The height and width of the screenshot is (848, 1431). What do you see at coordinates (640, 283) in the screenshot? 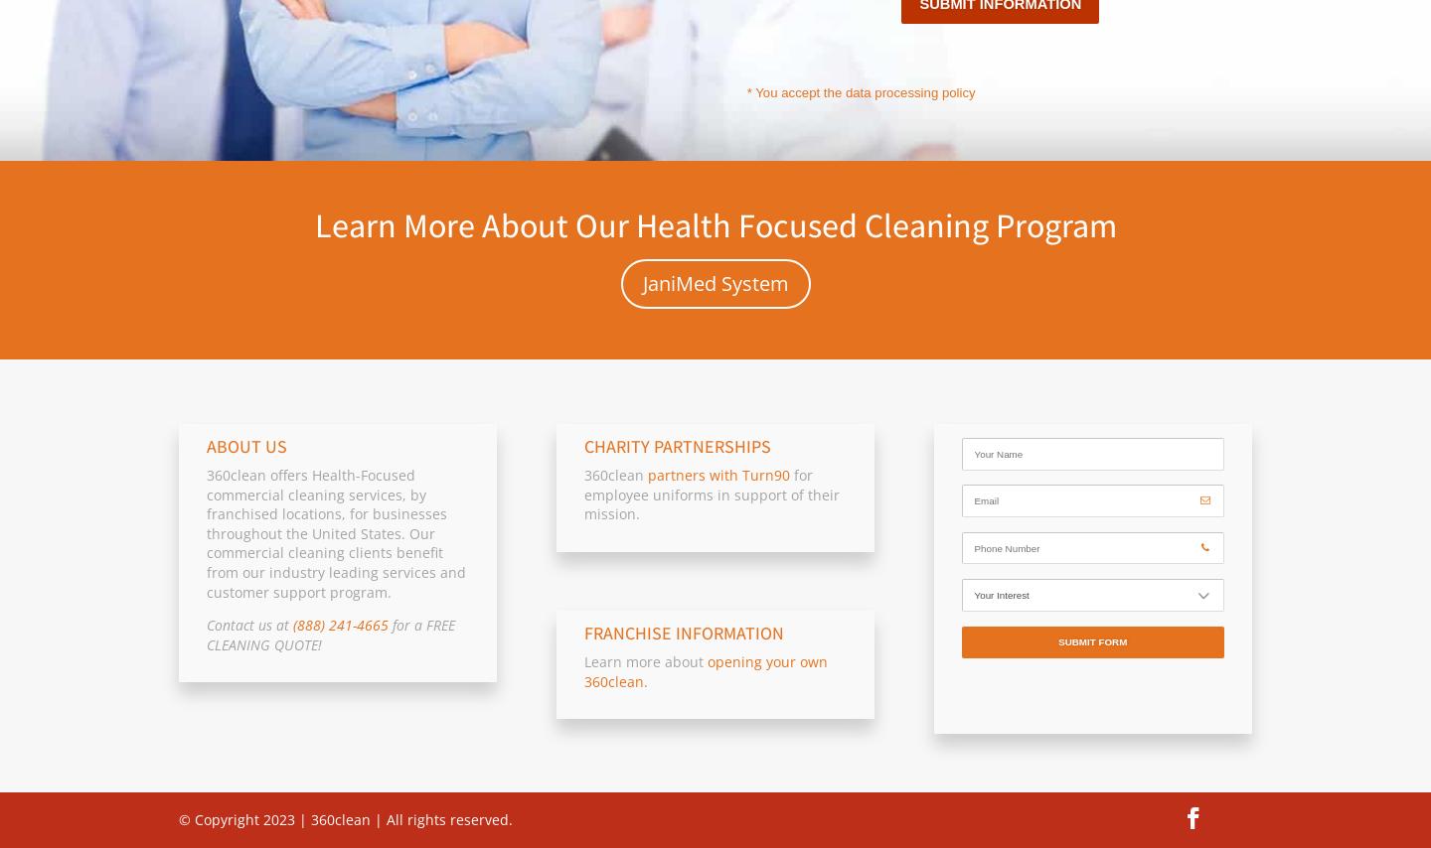
I see `'JaniMed System'` at bounding box center [640, 283].